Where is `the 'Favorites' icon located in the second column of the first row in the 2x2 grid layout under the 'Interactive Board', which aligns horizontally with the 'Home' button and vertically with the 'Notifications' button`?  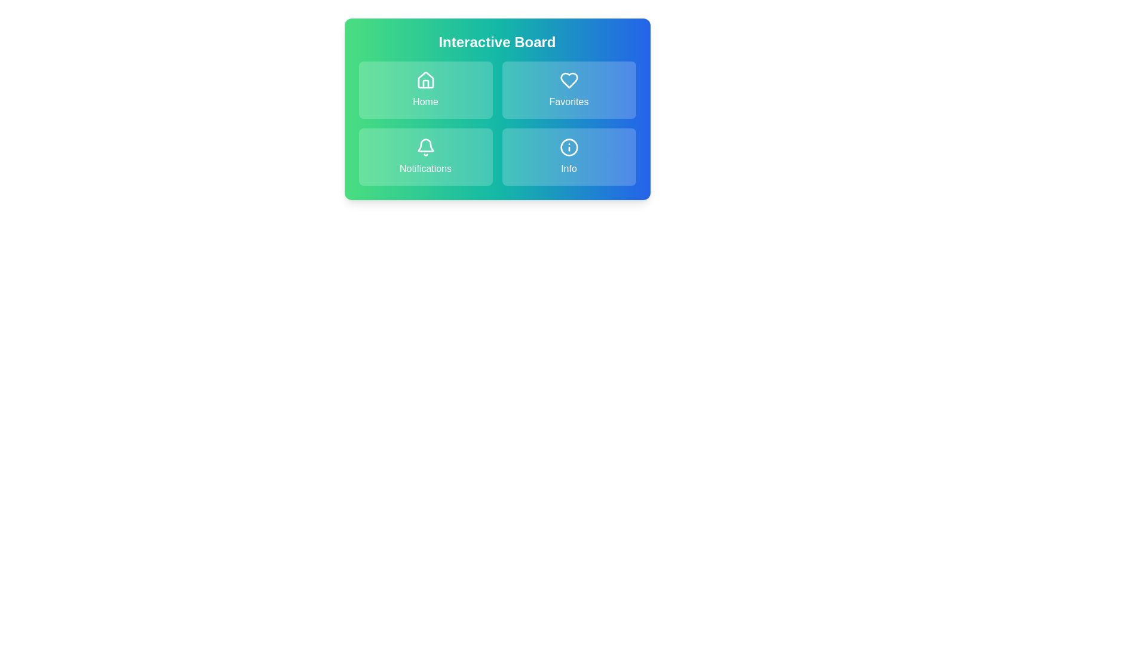
the 'Favorites' icon located in the second column of the first row in the 2x2 grid layout under the 'Interactive Board', which aligns horizontally with the 'Home' button and vertically with the 'Notifications' button is located at coordinates (568, 81).